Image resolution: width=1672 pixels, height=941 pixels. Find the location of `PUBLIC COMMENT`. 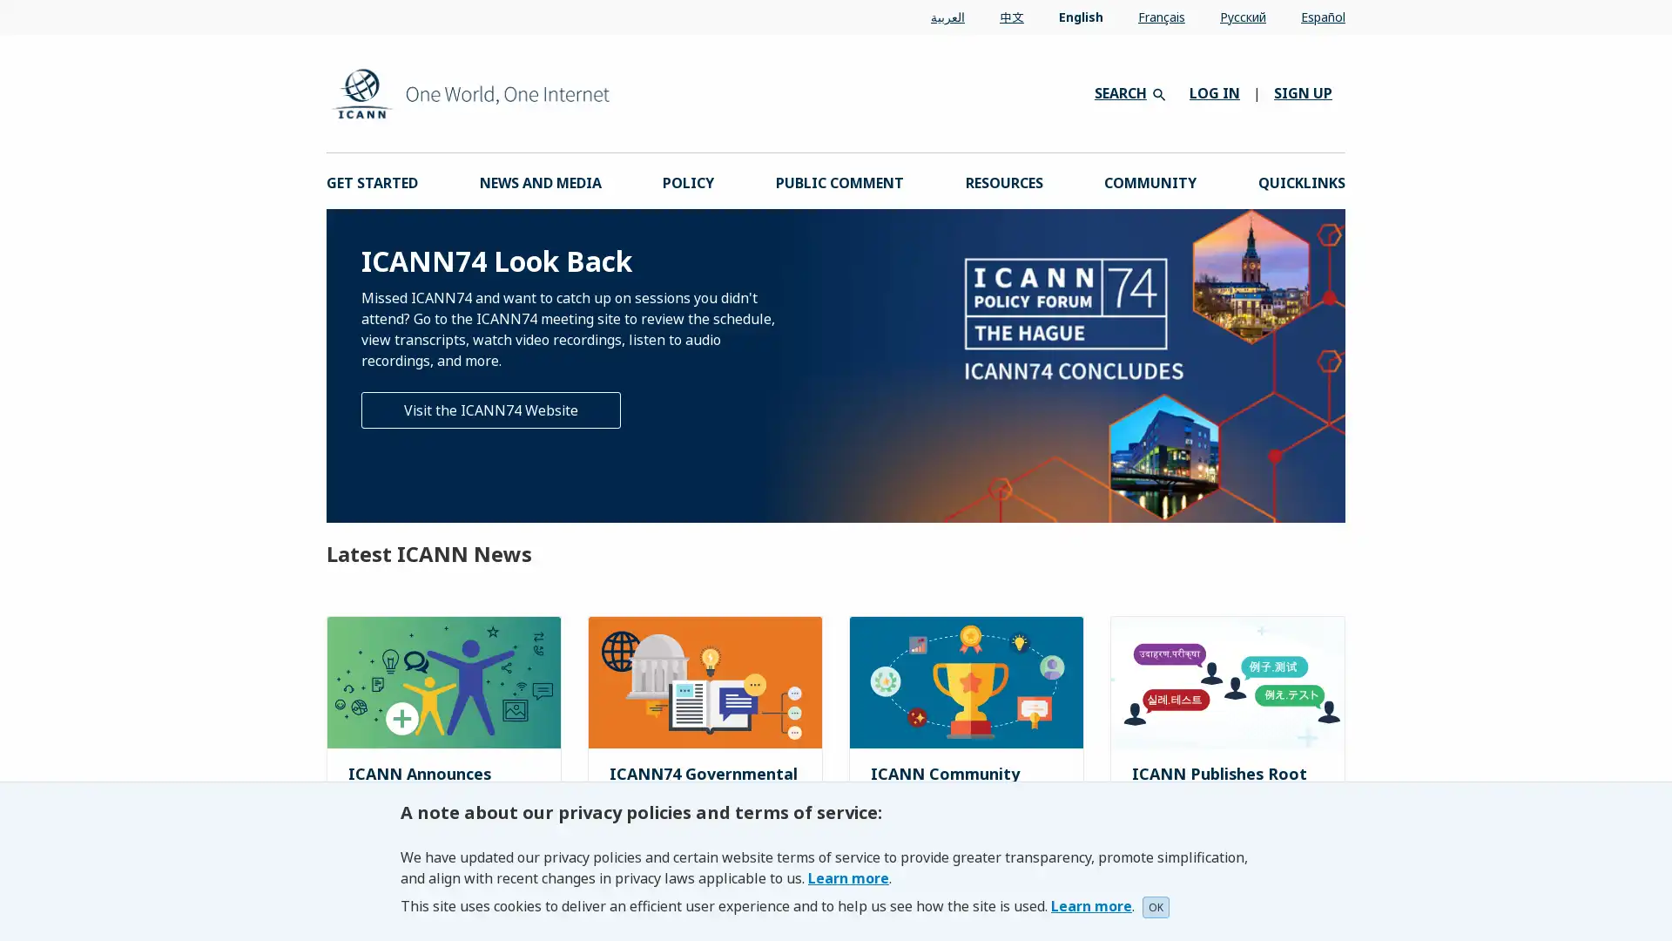

PUBLIC COMMENT is located at coordinates (839, 181).